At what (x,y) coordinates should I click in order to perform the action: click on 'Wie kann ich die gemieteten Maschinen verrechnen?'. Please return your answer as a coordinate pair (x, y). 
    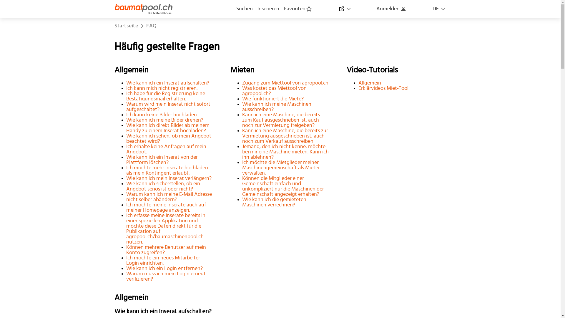
    Looking at the image, I should click on (274, 202).